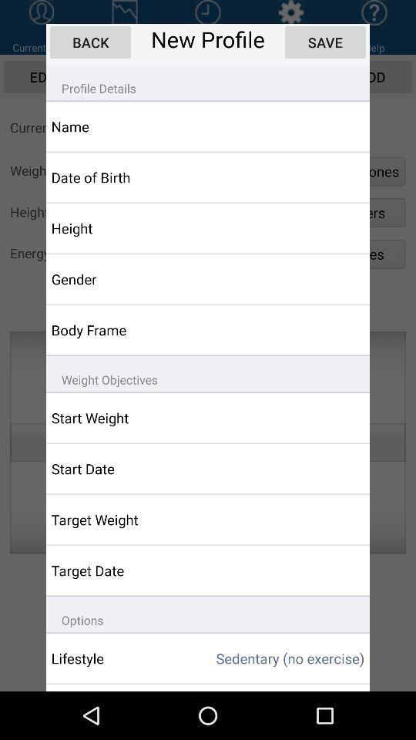  I want to click on start weight item, so click(119, 418).